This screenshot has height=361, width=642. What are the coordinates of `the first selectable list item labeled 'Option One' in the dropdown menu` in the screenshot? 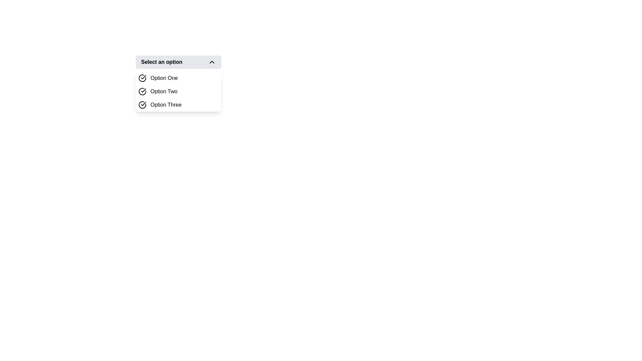 It's located at (178, 78).